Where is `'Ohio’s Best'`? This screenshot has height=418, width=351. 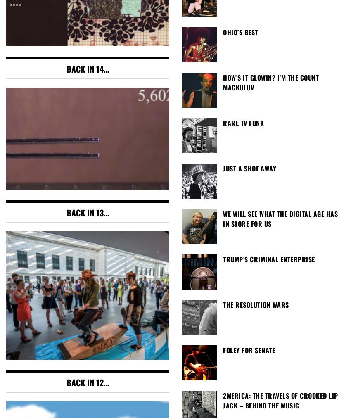 'Ohio’s Best' is located at coordinates (240, 31).